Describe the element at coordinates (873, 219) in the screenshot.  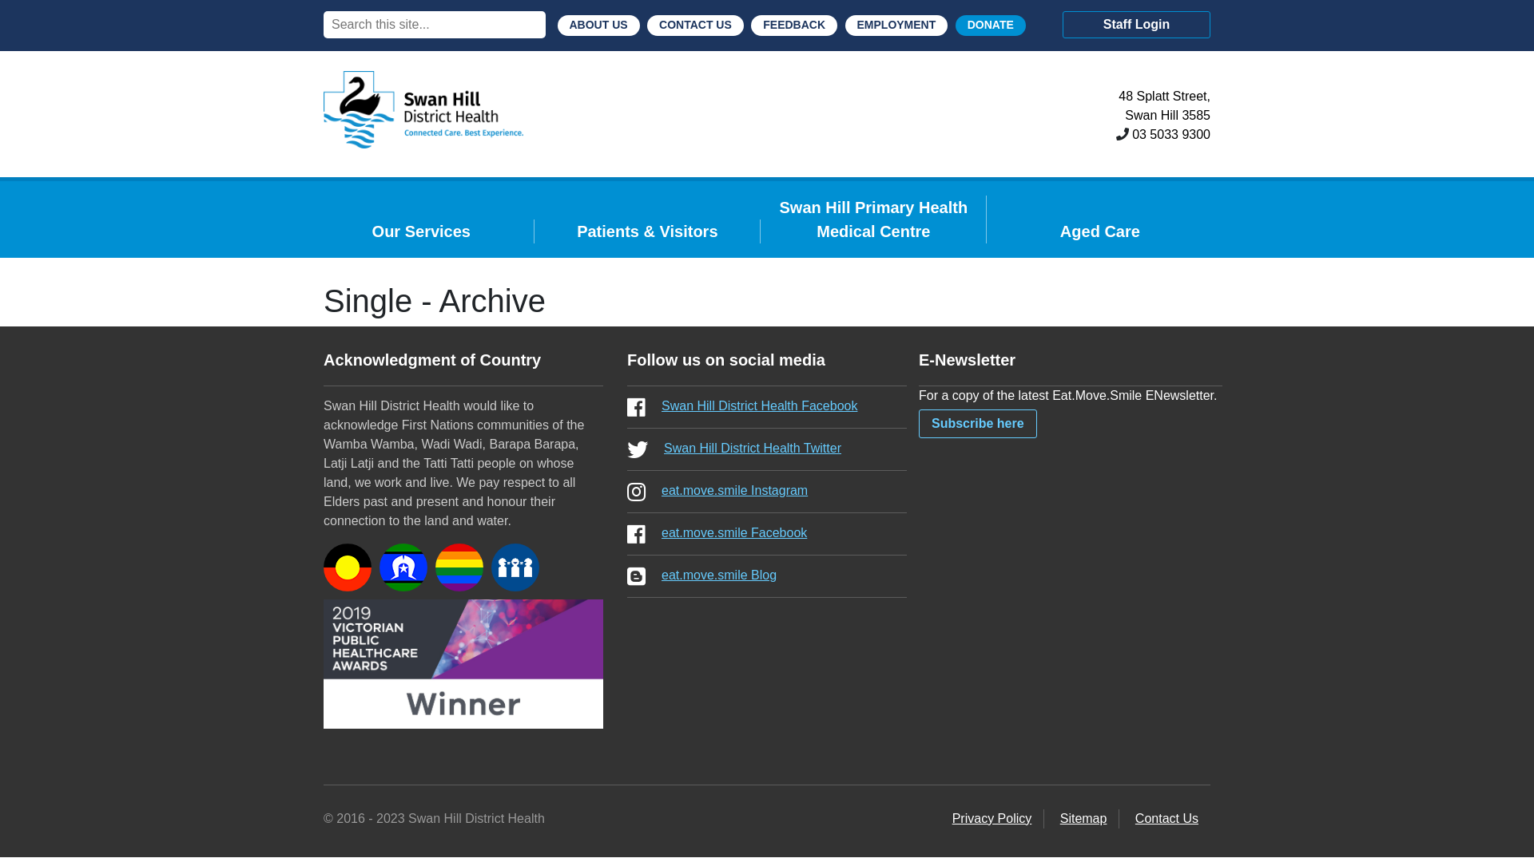
I see `'Swan Hill Primary Health Medical Centre'` at that location.